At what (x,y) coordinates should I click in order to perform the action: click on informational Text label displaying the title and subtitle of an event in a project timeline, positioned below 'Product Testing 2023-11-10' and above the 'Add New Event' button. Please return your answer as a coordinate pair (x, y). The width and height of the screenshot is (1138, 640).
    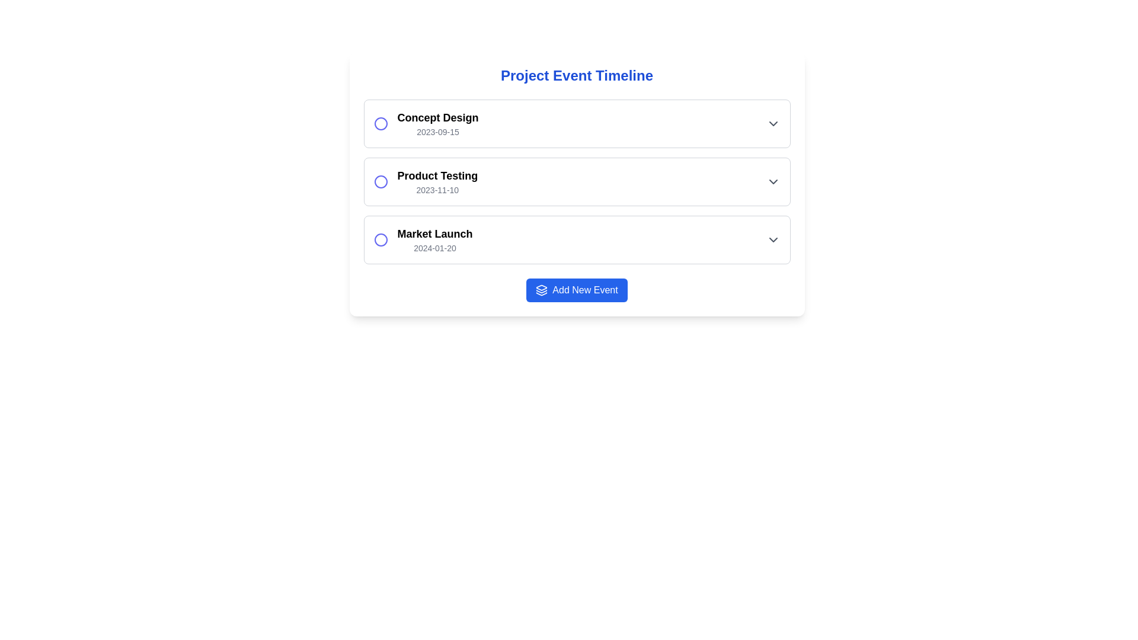
    Looking at the image, I should click on (434, 240).